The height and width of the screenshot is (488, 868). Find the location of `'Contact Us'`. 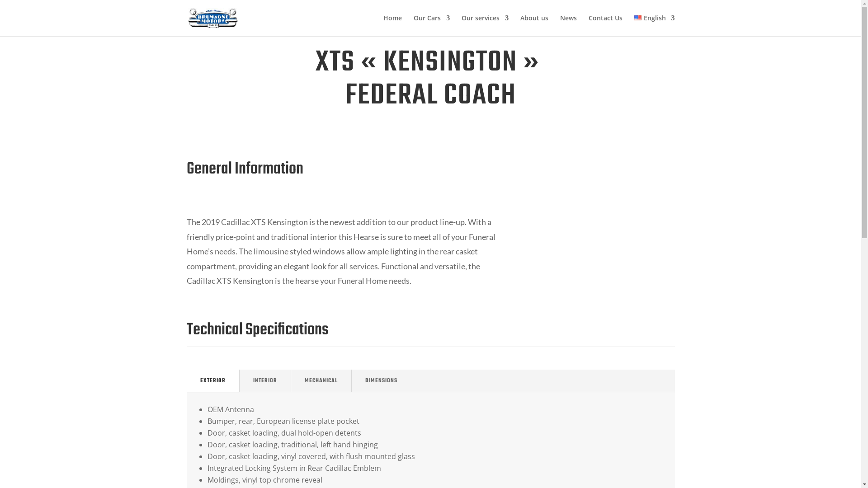

'Contact Us' is located at coordinates (605, 25).